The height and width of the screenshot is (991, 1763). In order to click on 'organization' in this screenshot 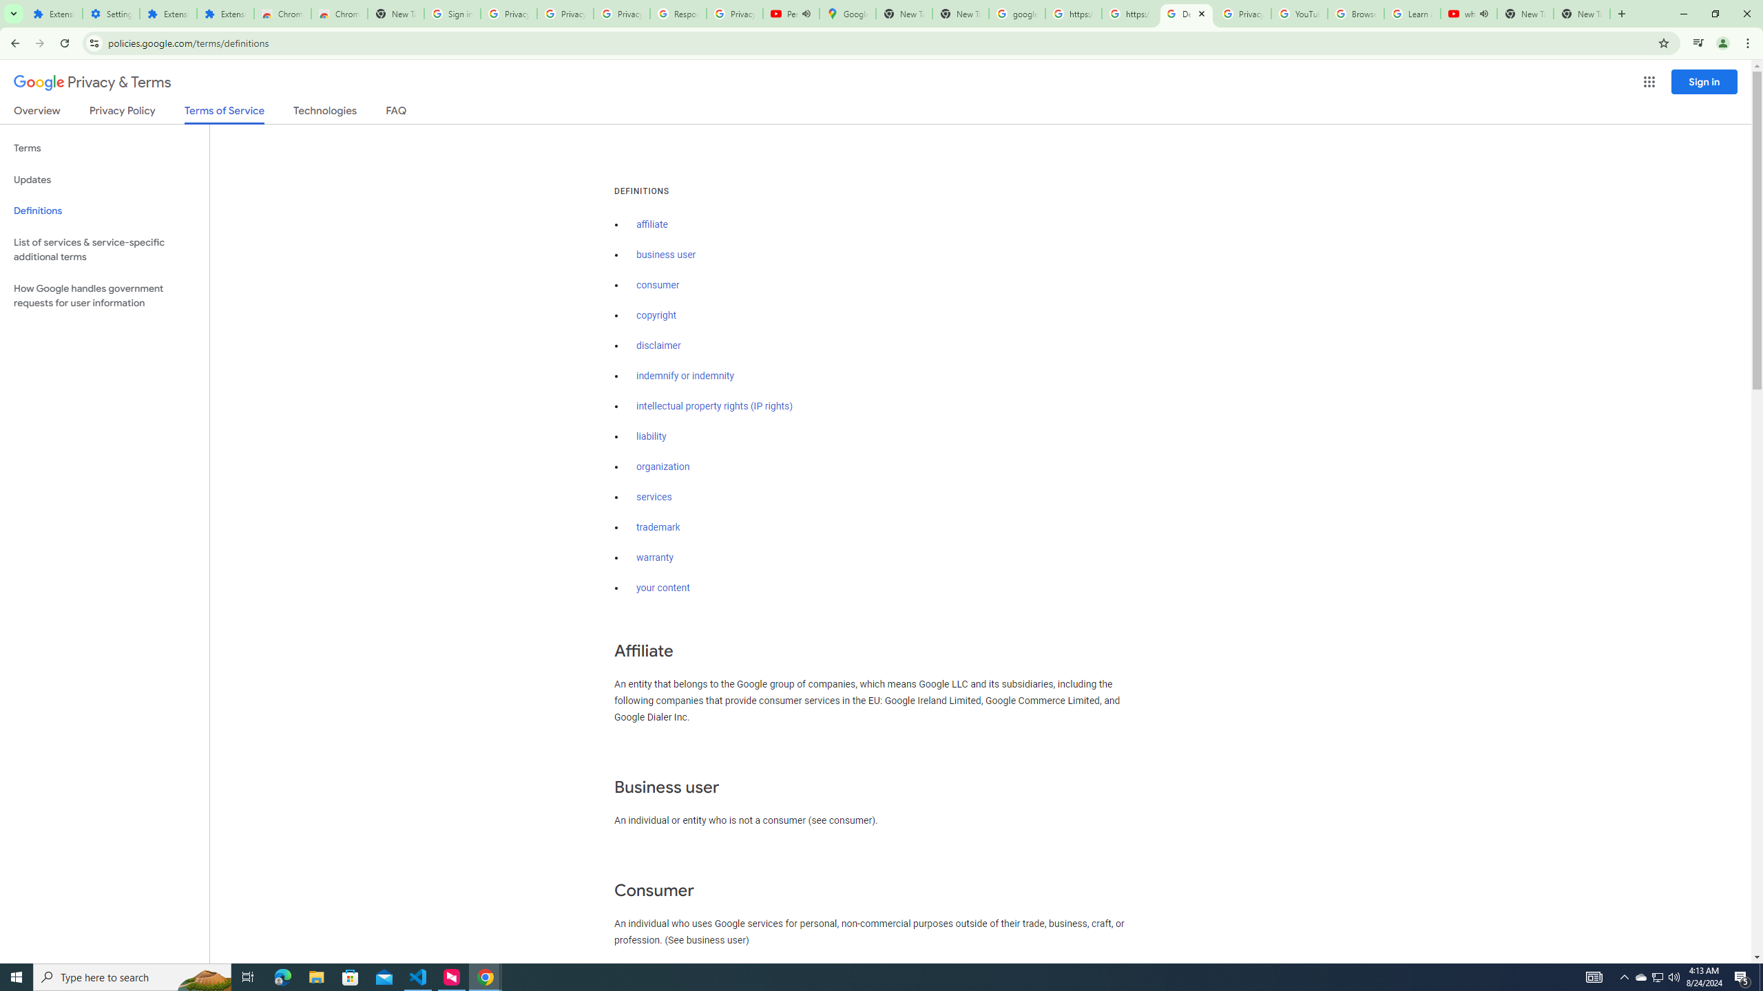, I will do `click(663, 466)`.